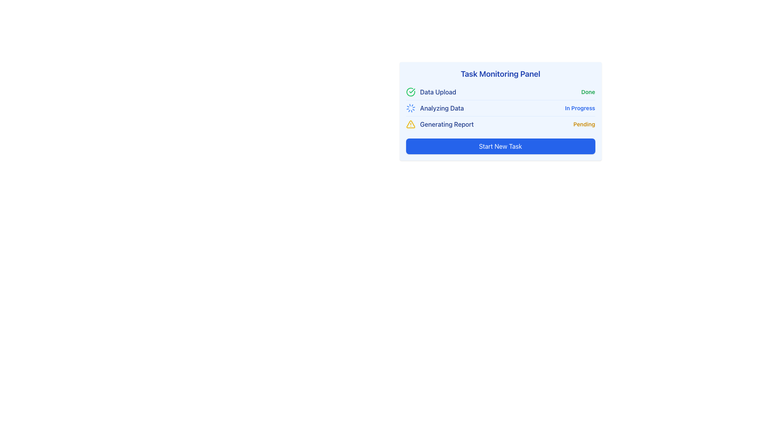 The image size is (757, 425). I want to click on the completion indicator icon representing 'Data Upload' status located in the 'Task Monitoring Panel', so click(412, 91).